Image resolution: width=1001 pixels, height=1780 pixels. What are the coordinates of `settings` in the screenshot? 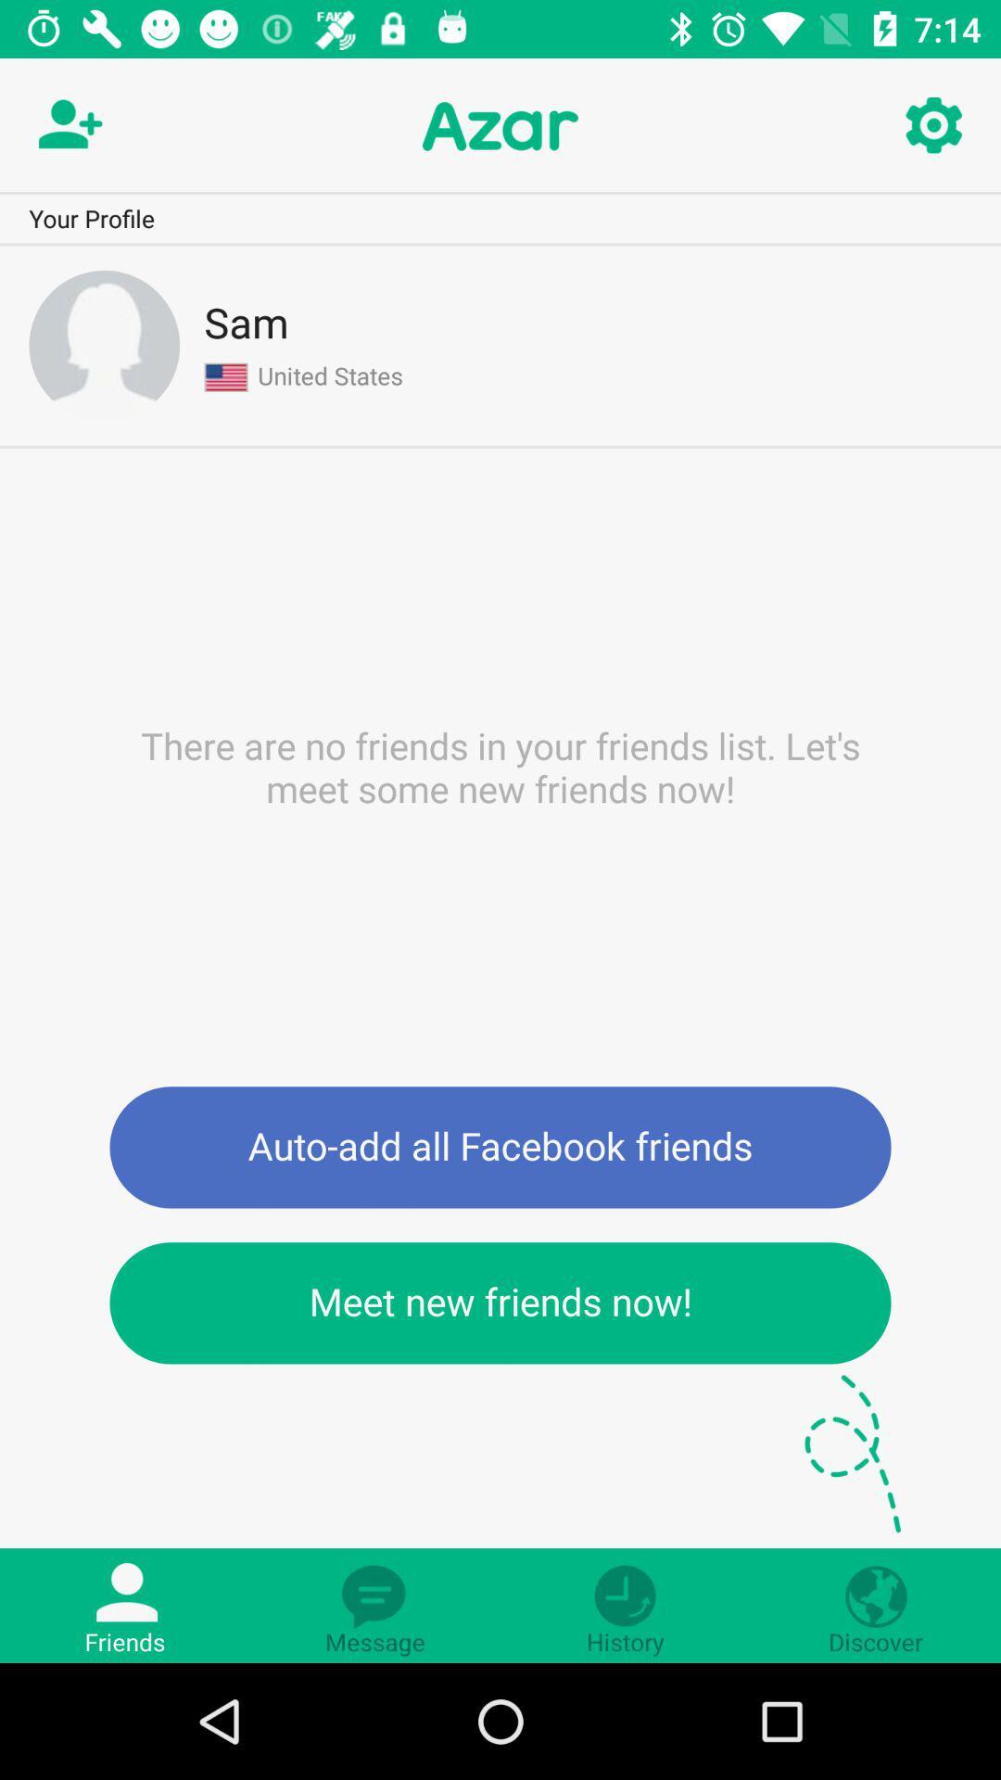 It's located at (932, 125).